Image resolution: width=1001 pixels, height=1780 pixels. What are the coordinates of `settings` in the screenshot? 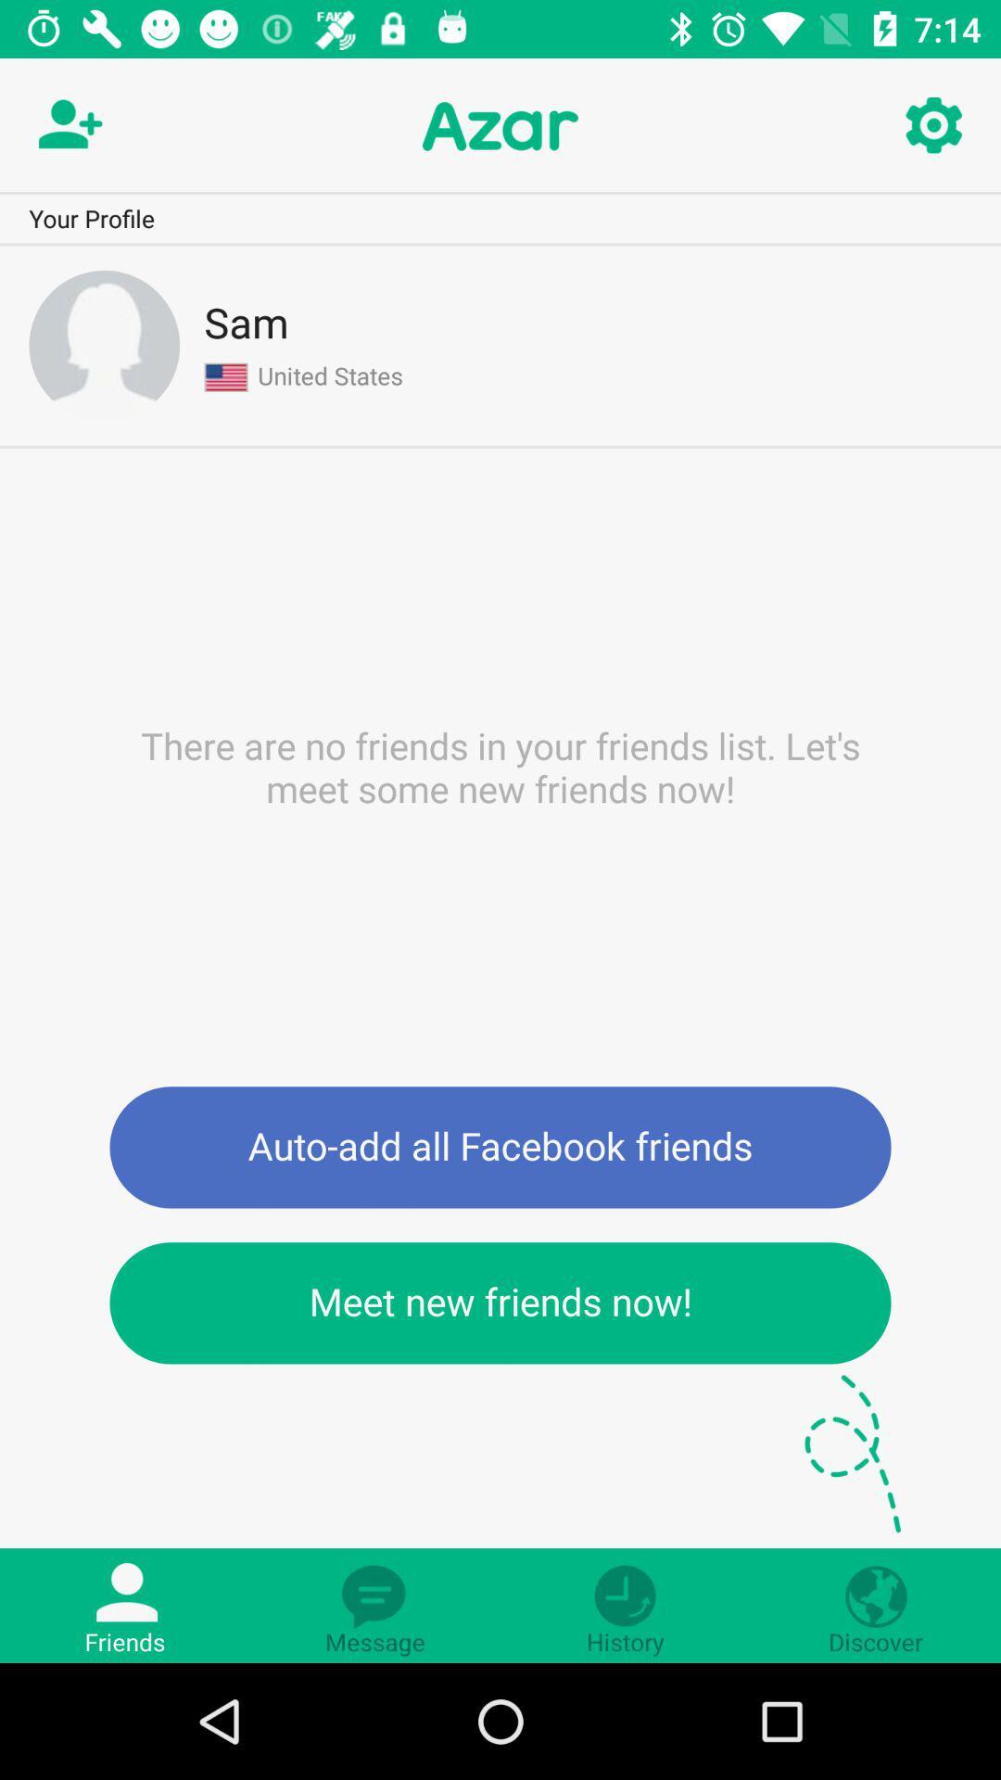 It's located at (932, 125).